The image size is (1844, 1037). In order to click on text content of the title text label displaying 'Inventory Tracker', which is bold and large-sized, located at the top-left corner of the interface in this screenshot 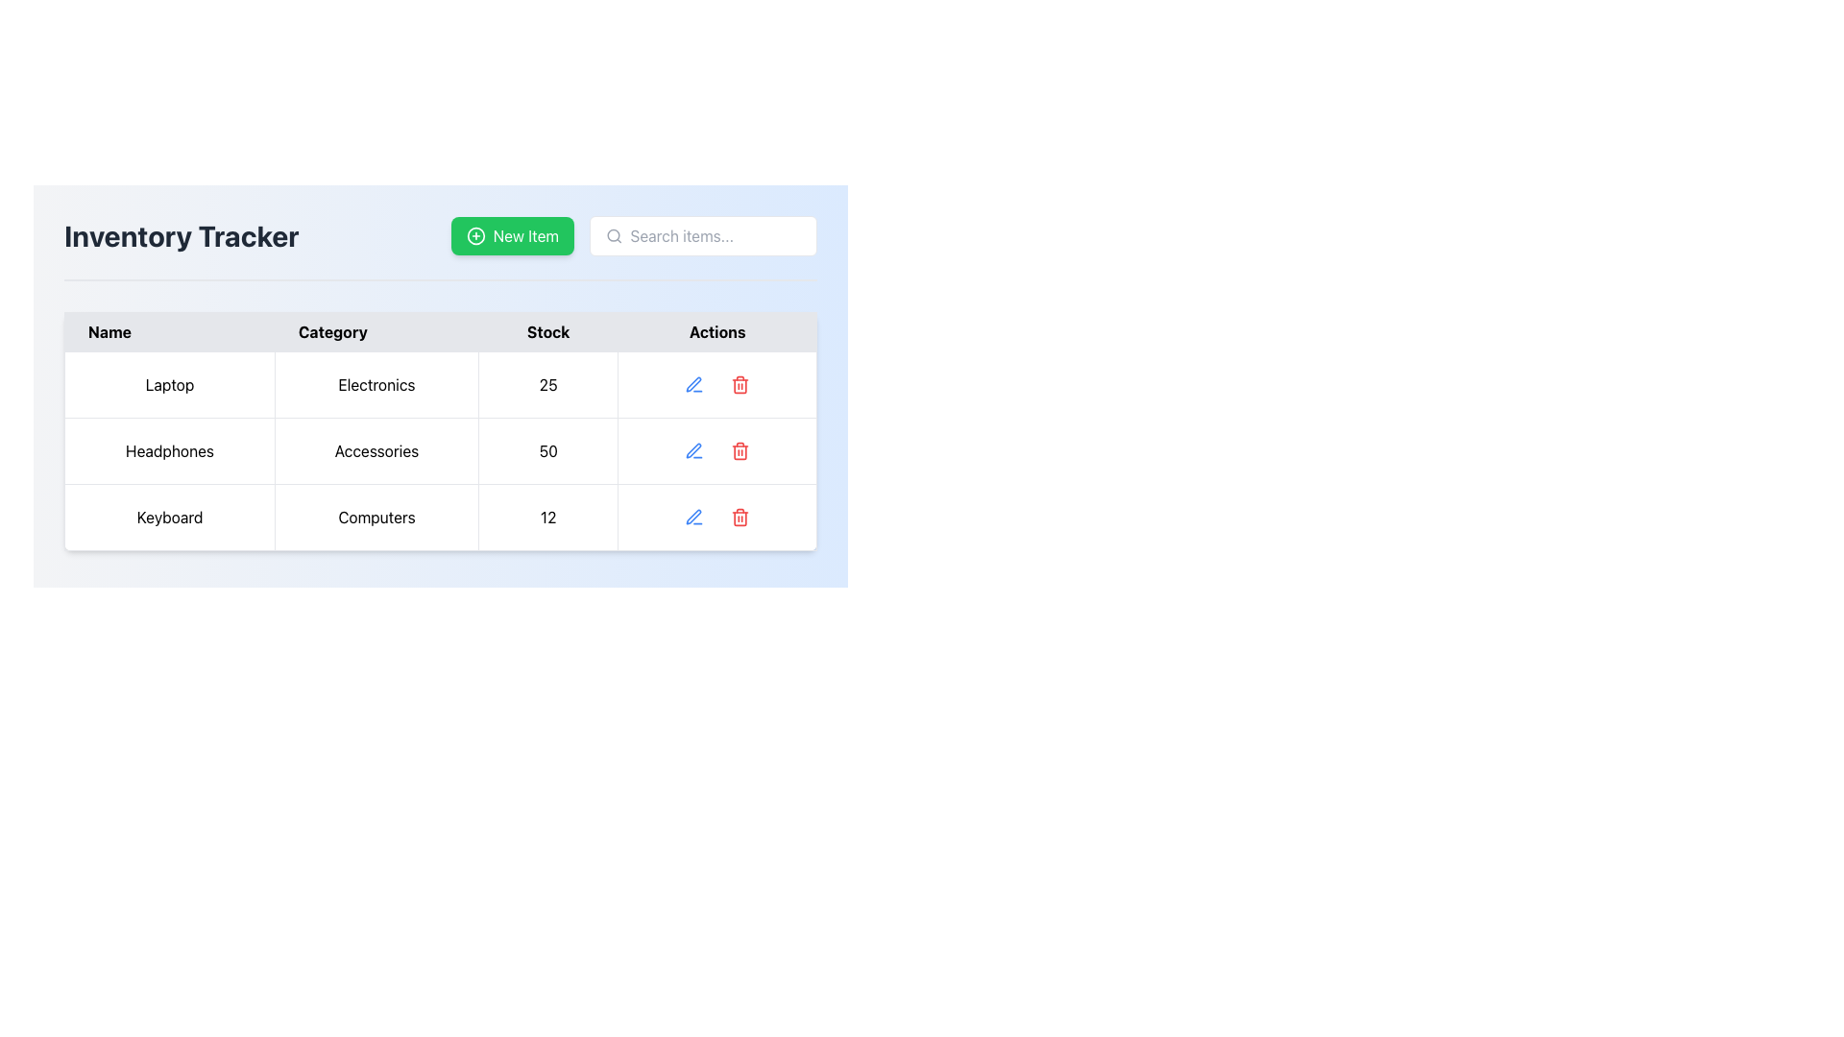, I will do `click(182, 235)`.